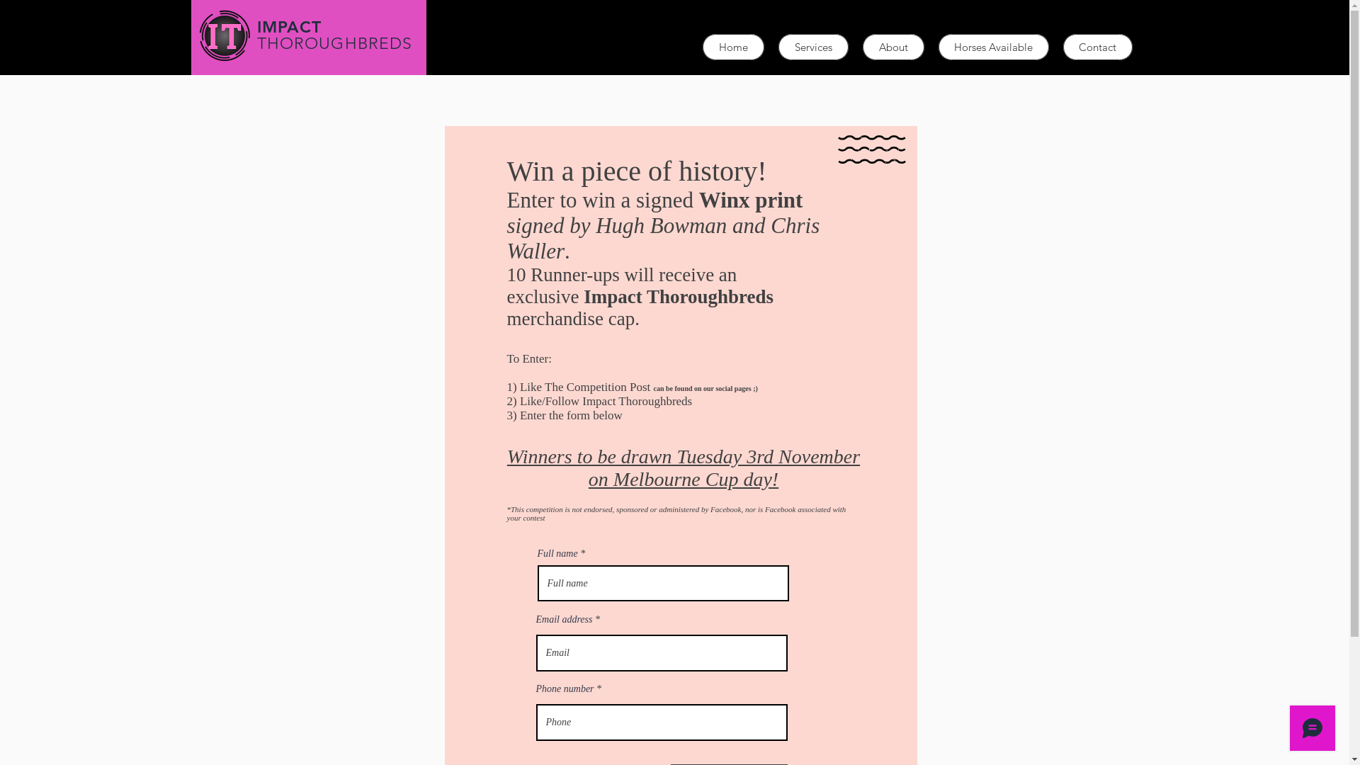  I want to click on 'About', so click(892, 46).